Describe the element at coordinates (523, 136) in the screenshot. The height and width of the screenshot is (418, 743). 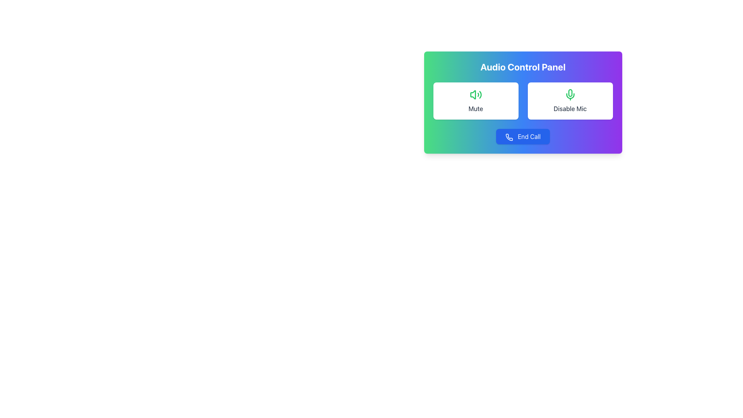
I see `the 'End Call' button, which is styled with a blue background, white text, and an icon of a phone, located in the 'Audio Control Panel' below the 'Mute' and 'Disable Mic' buttons` at that location.